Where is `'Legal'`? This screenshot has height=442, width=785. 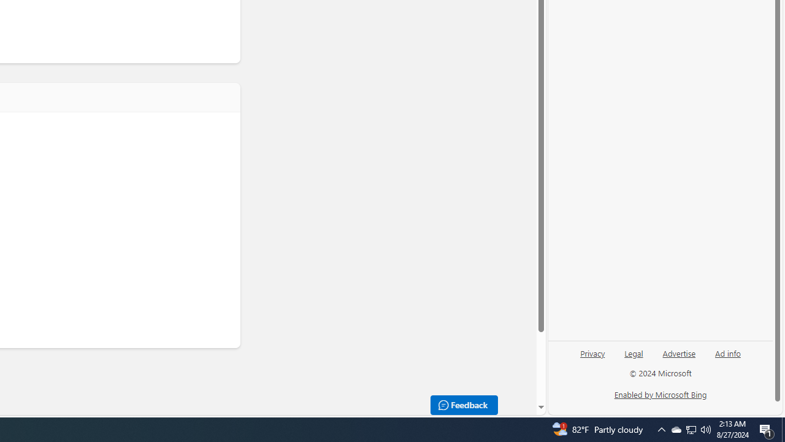
'Legal' is located at coordinates (634, 358).